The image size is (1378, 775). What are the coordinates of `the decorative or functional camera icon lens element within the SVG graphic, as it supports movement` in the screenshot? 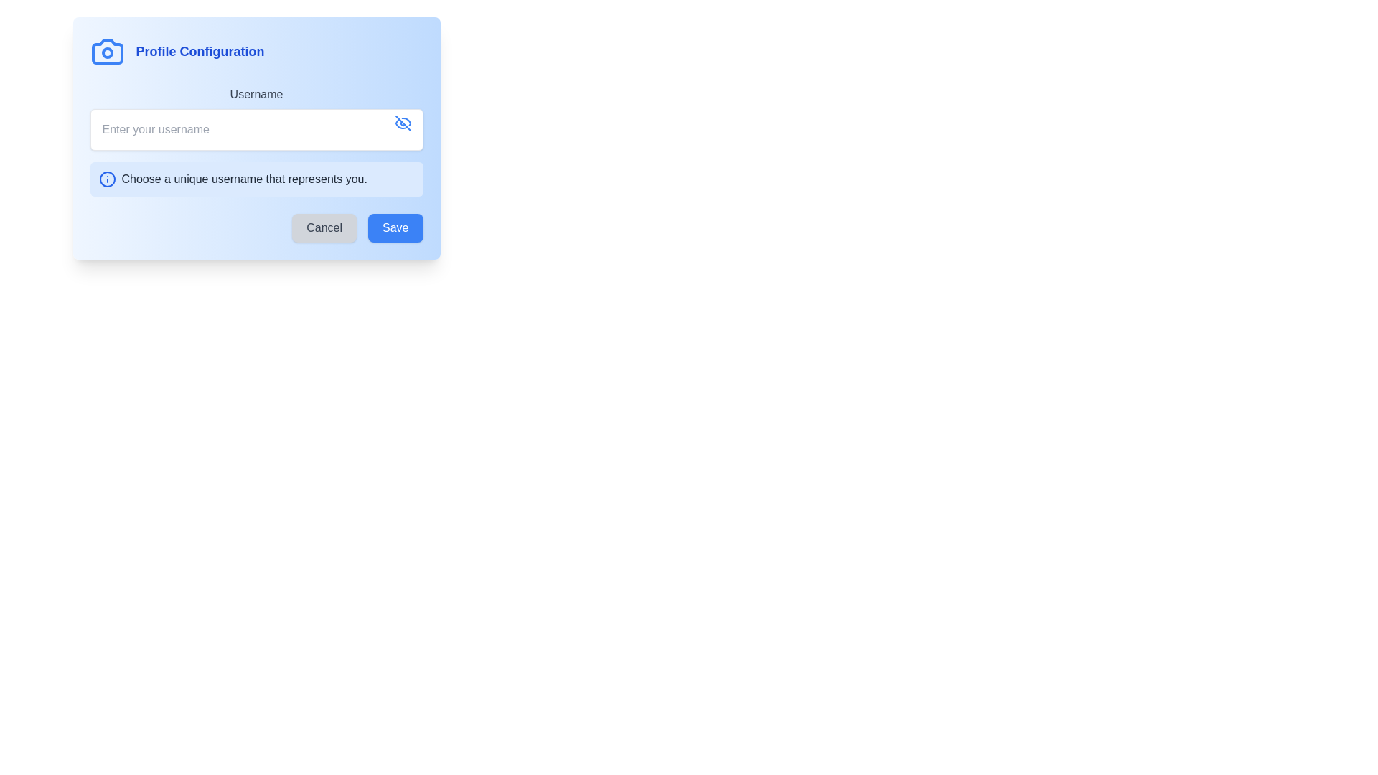 It's located at (106, 51).